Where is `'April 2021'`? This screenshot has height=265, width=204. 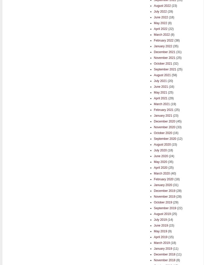 'April 2021' is located at coordinates (160, 98).